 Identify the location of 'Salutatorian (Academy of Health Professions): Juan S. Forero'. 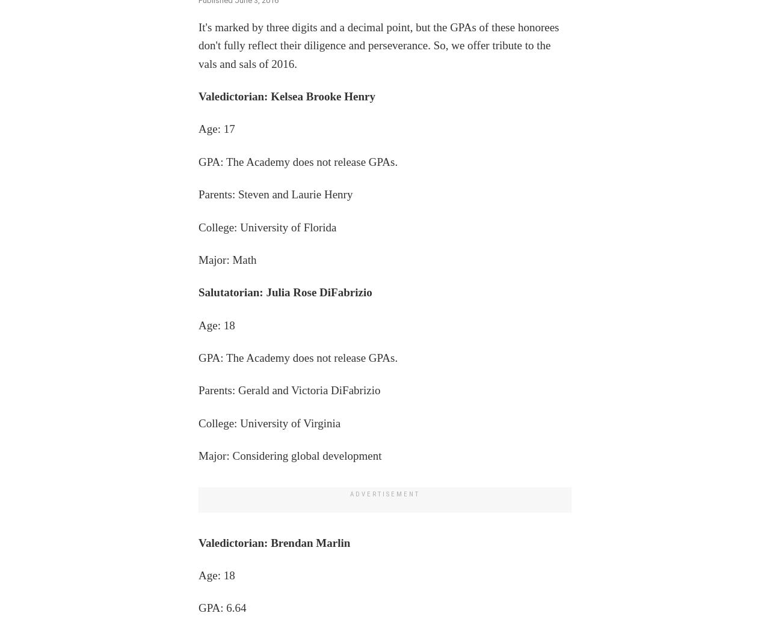
(348, 69).